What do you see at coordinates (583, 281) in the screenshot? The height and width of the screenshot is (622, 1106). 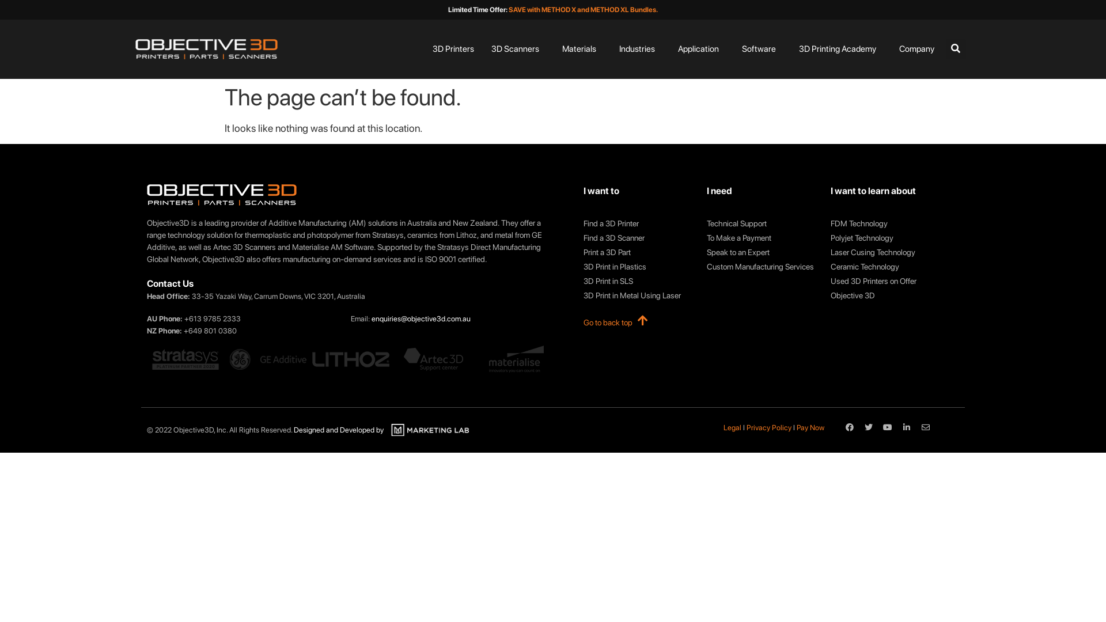 I see `'3D Print in SLS'` at bounding box center [583, 281].